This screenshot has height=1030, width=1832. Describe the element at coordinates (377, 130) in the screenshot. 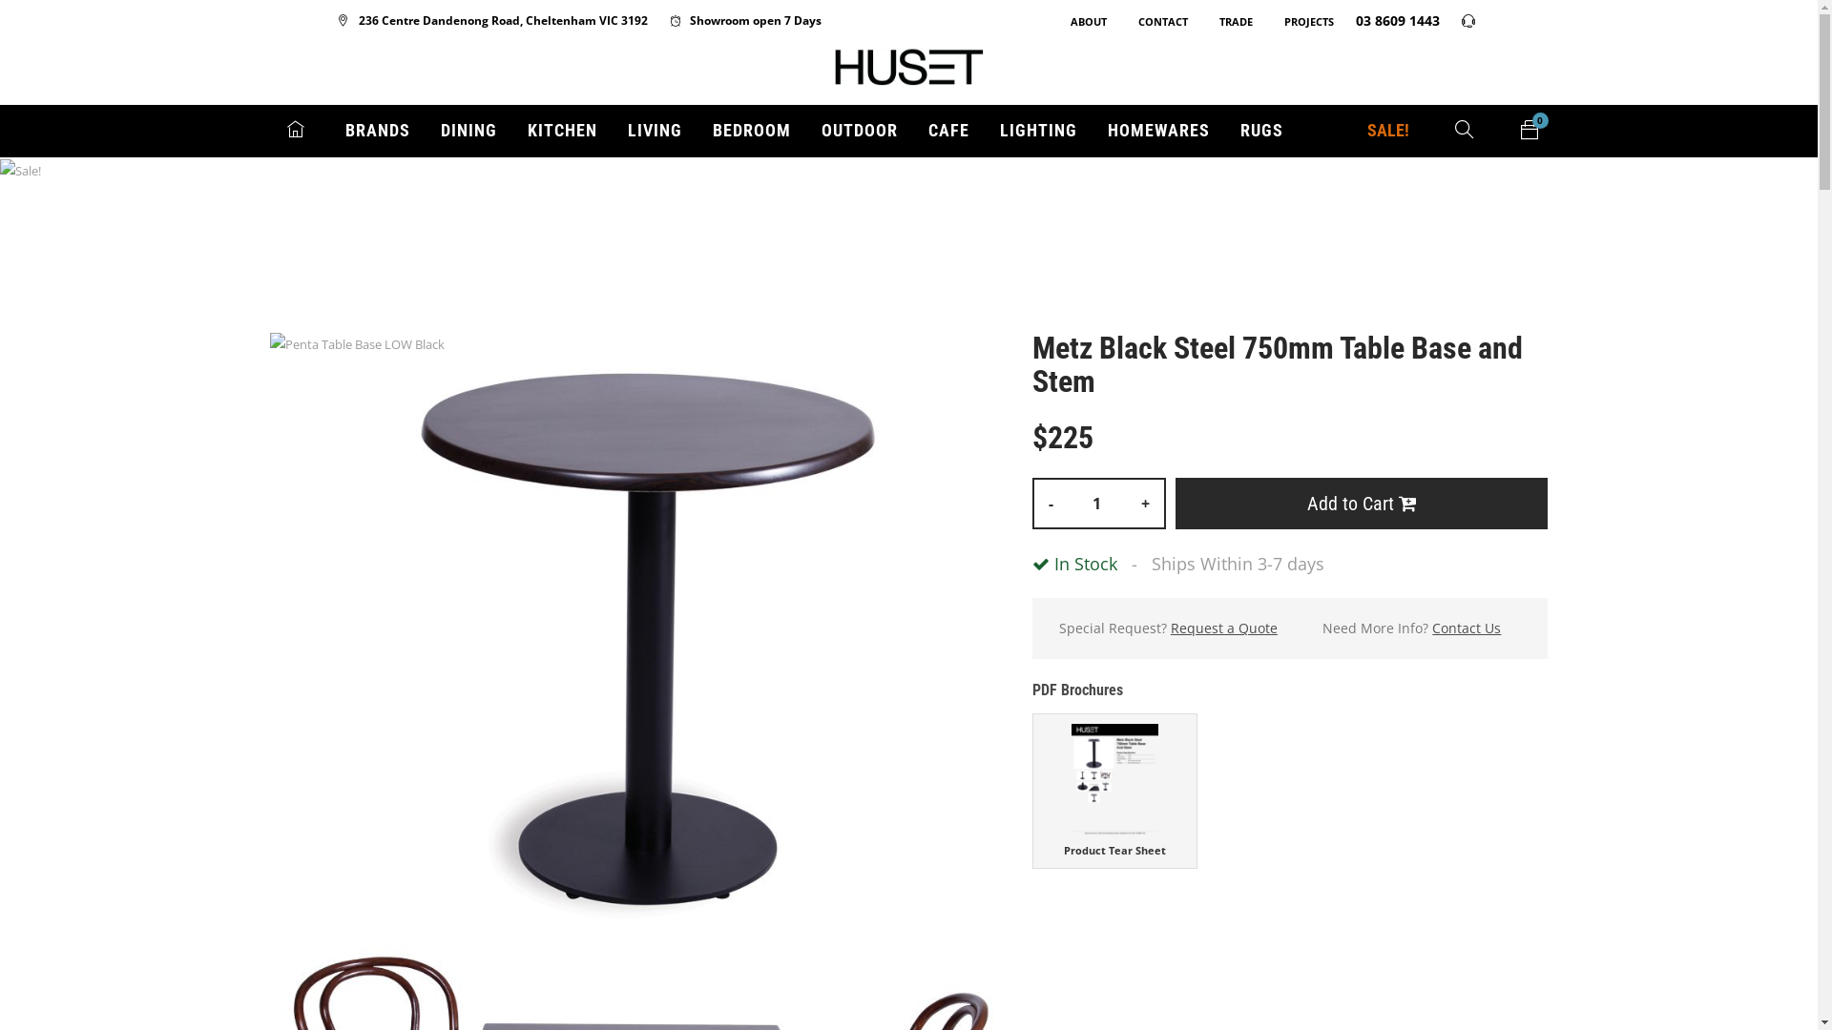

I see `'BRANDS'` at that location.